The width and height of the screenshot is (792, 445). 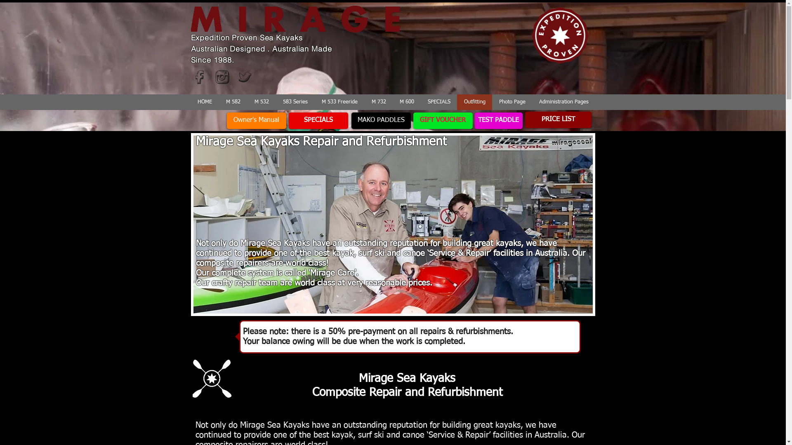 I want to click on 'Kayak & surf ski repairs', so click(x=392, y=224).